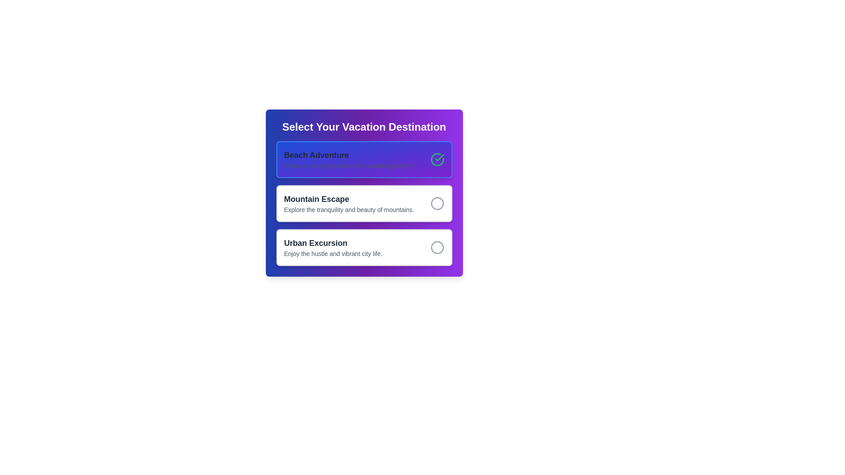 Image resolution: width=845 pixels, height=475 pixels. What do you see at coordinates (364, 127) in the screenshot?
I see `the Text header that informs the user about vacation destination options, which is the first element in a card with a gradient background and rounded corners` at bounding box center [364, 127].